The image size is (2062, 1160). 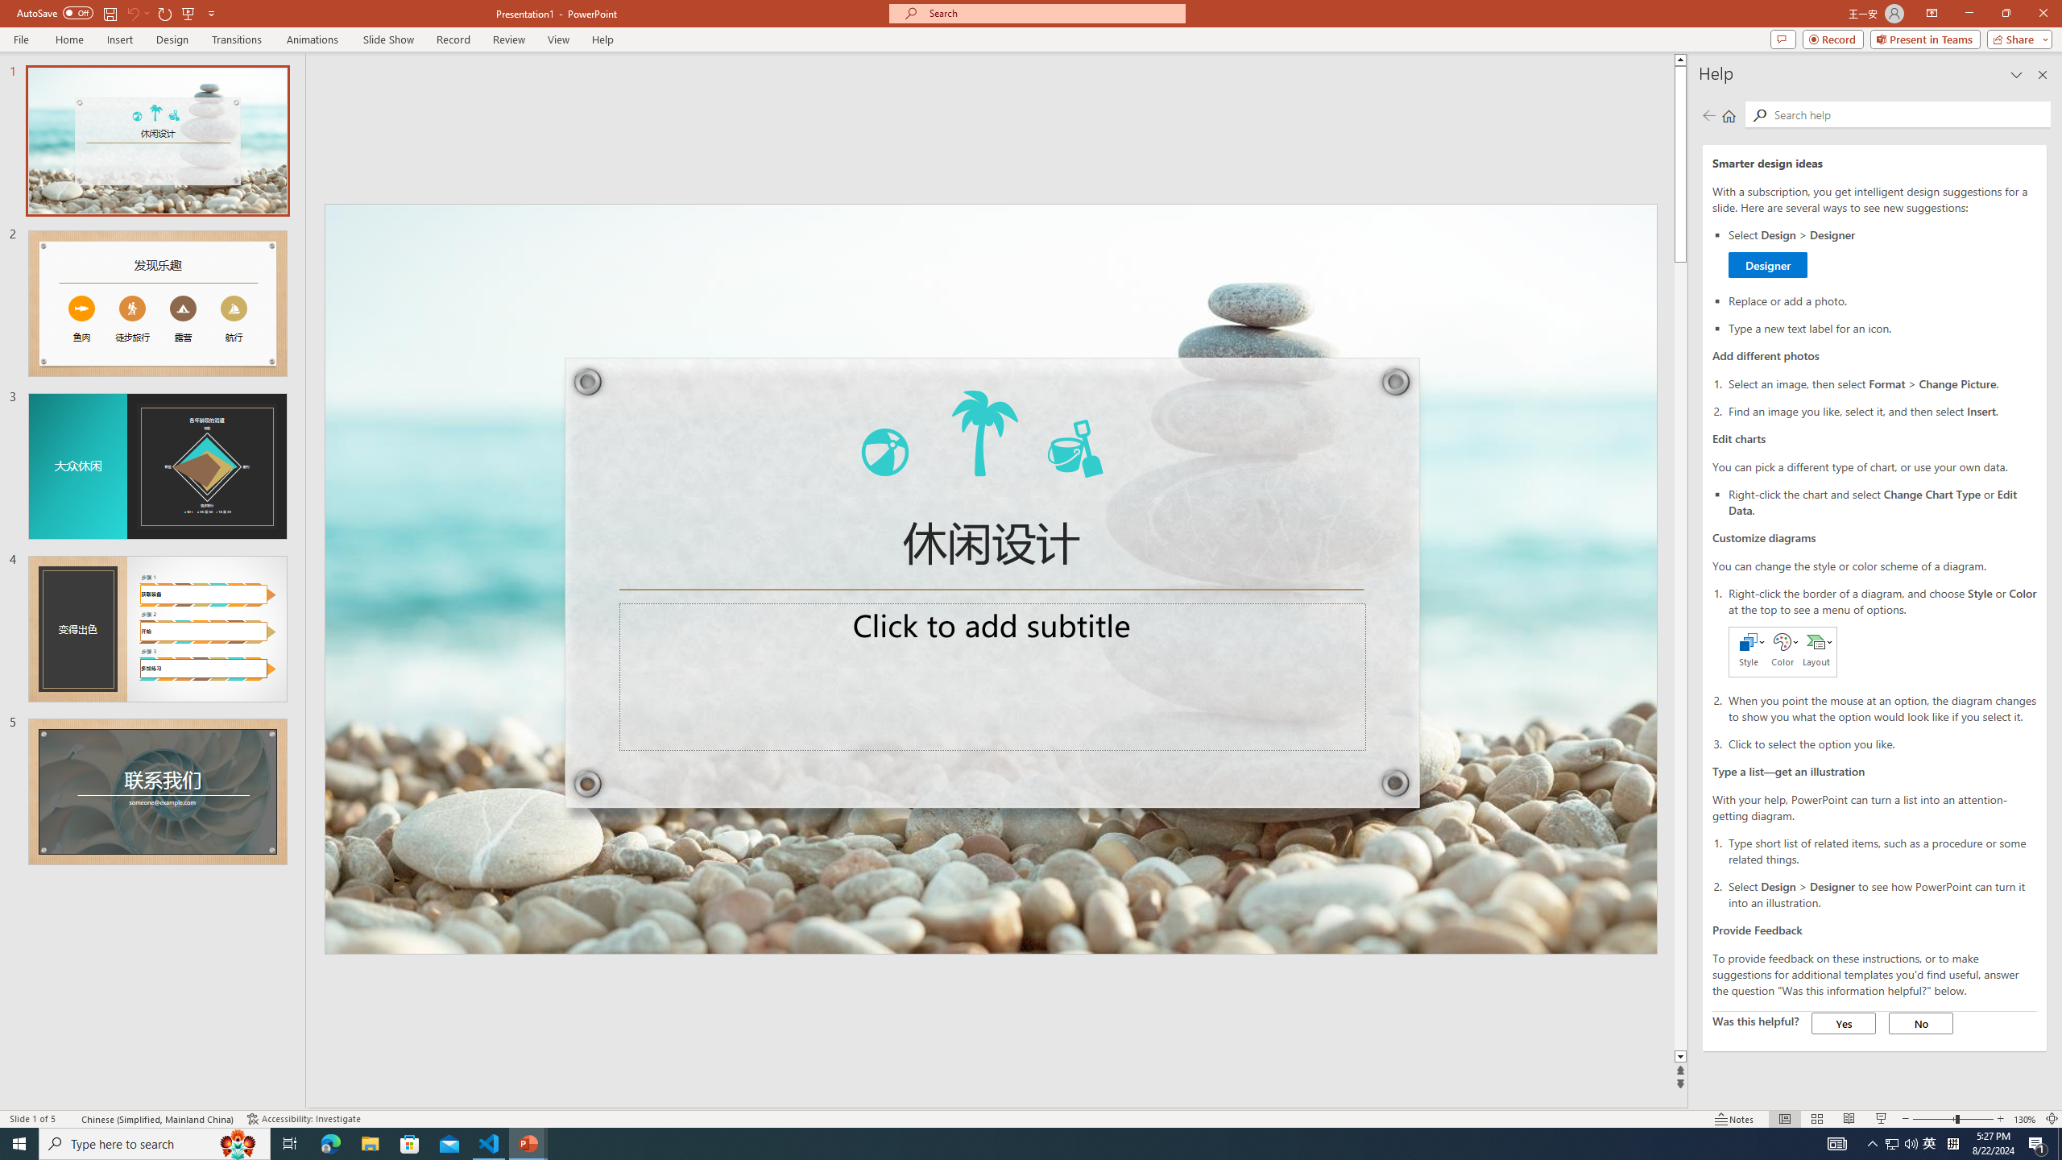 I want to click on 'Yes', so click(x=1843, y=1022).